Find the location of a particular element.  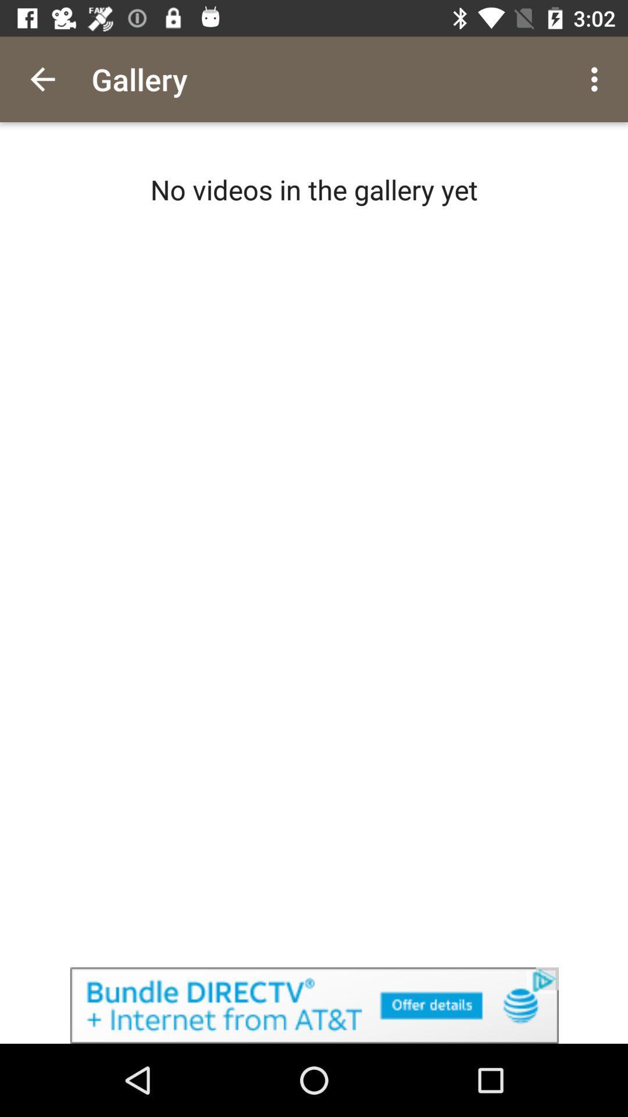

open advertisement is located at coordinates (314, 1005).